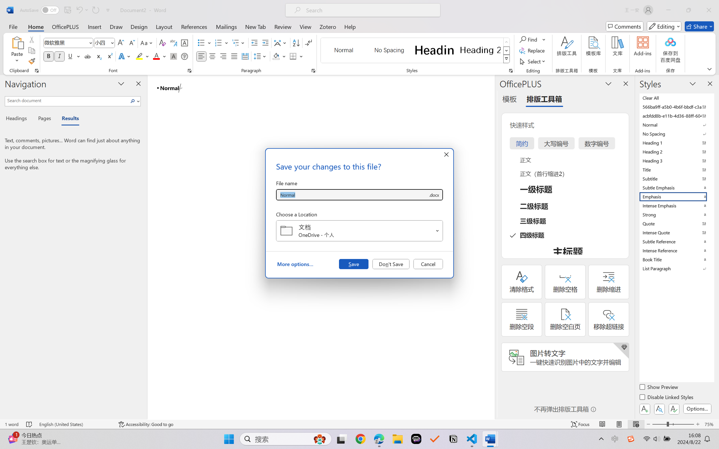 This screenshot has width=719, height=449. Describe the element at coordinates (689, 10) in the screenshot. I see `'Restore Down'` at that location.